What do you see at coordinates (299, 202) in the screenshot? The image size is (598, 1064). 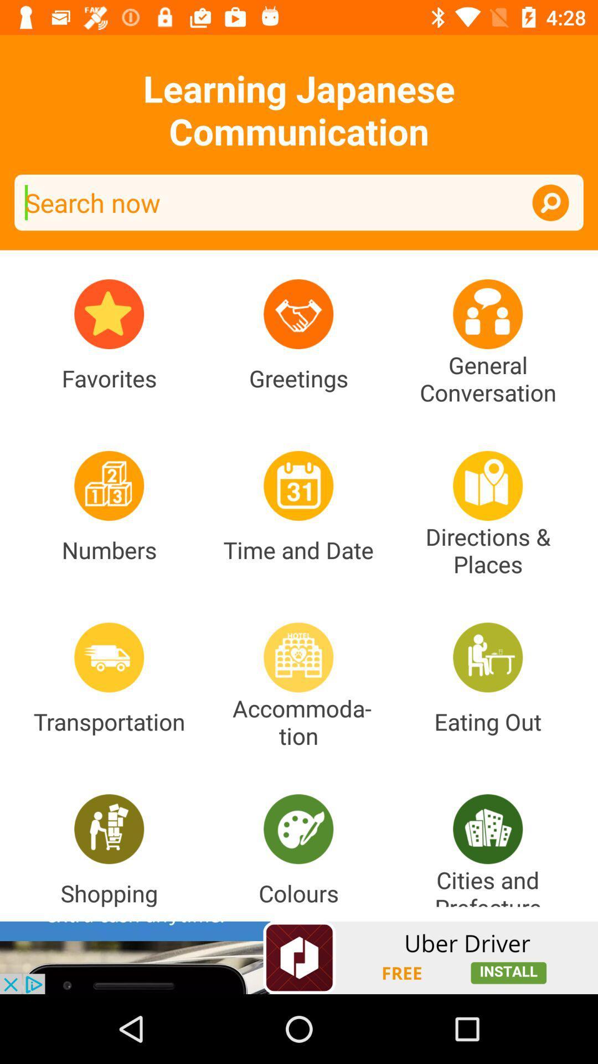 I see `search bar` at bounding box center [299, 202].